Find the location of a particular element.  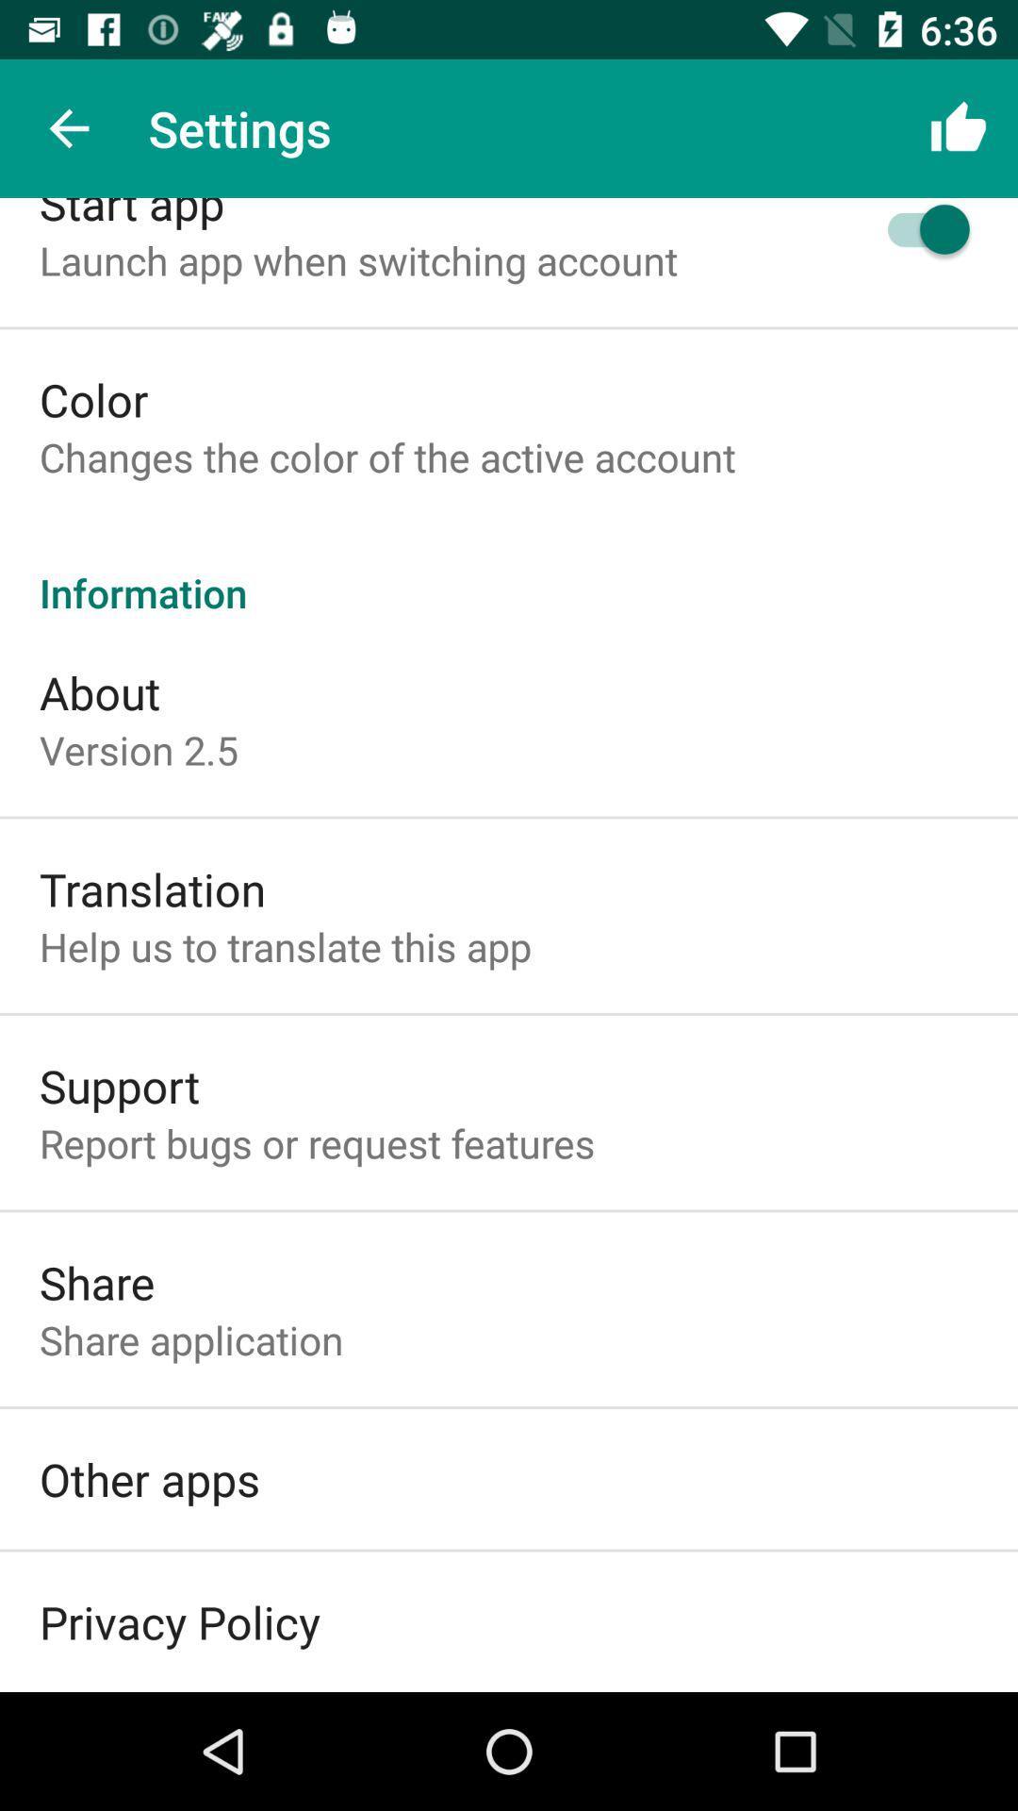

item above the privacy policy icon is located at coordinates (148, 1478).